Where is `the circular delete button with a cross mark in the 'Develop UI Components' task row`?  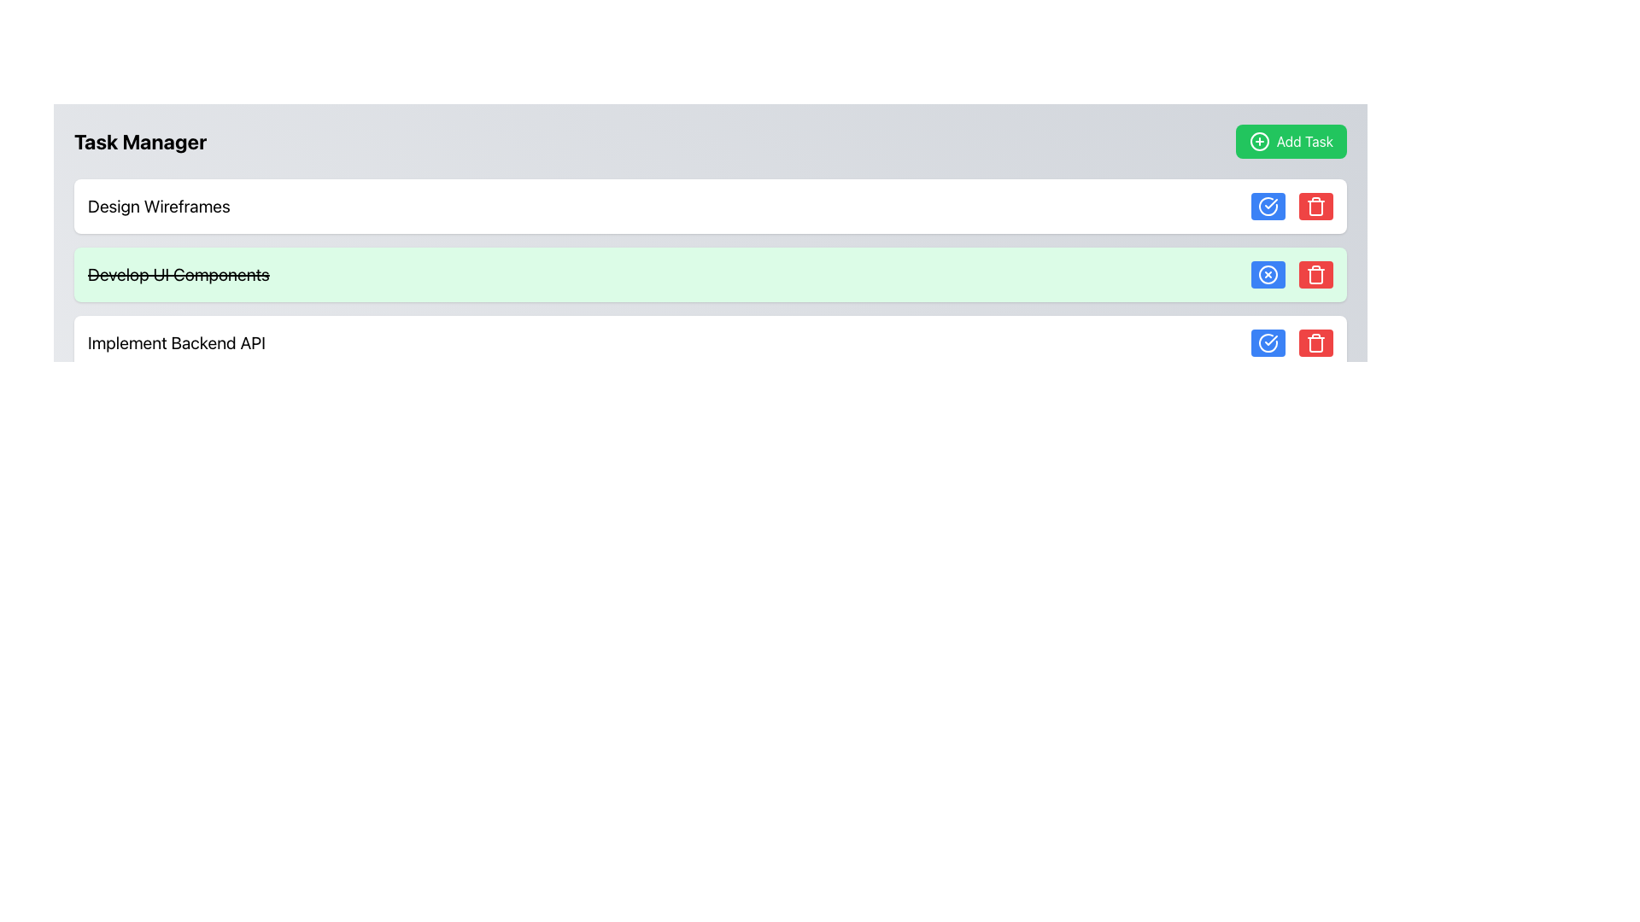 the circular delete button with a cross mark in the 'Develop UI Components' task row is located at coordinates (1268, 273).